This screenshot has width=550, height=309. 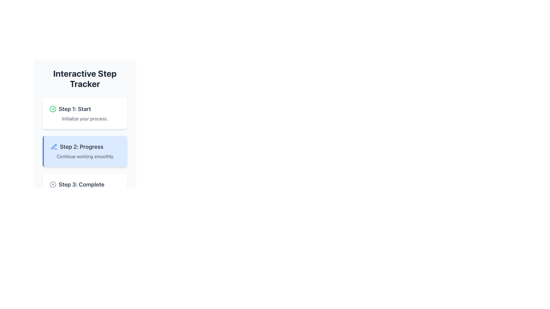 I want to click on the text display component styled as a card that presents 'Step 2' in a sequential process display, which provides guidance like 'Continue working smoothly.', so click(x=85, y=151).